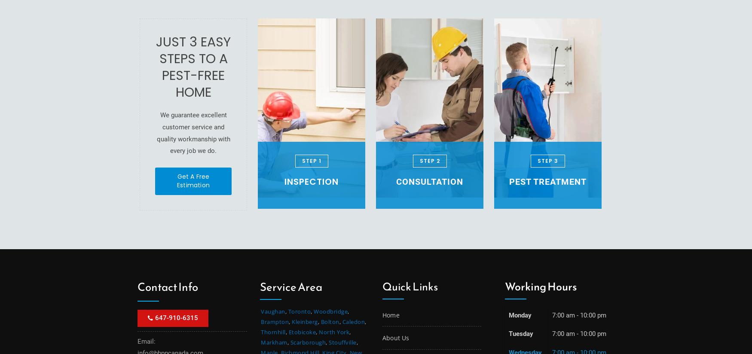 The image size is (752, 354). What do you see at coordinates (321, 321) in the screenshot?
I see `'Bolton'` at bounding box center [321, 321].